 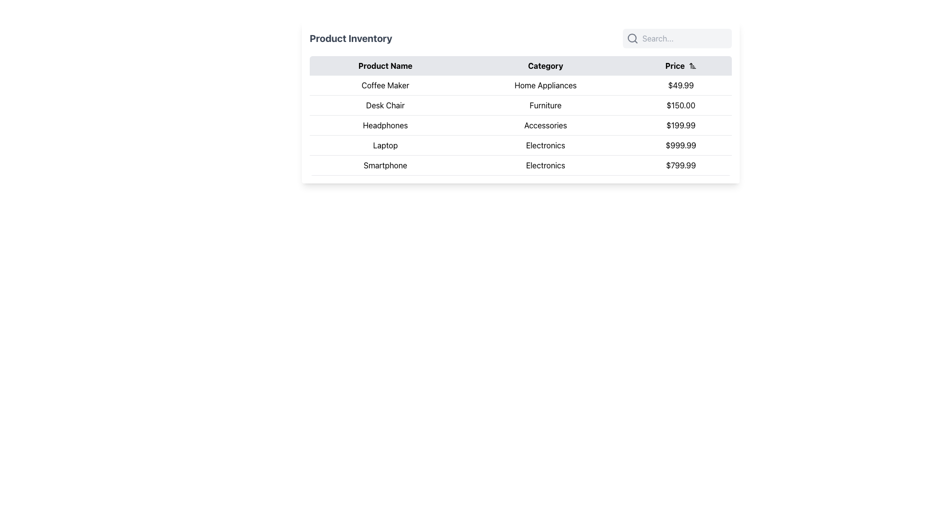 I want to click on the 'Product Name' text label, so click(x=384, y=66).